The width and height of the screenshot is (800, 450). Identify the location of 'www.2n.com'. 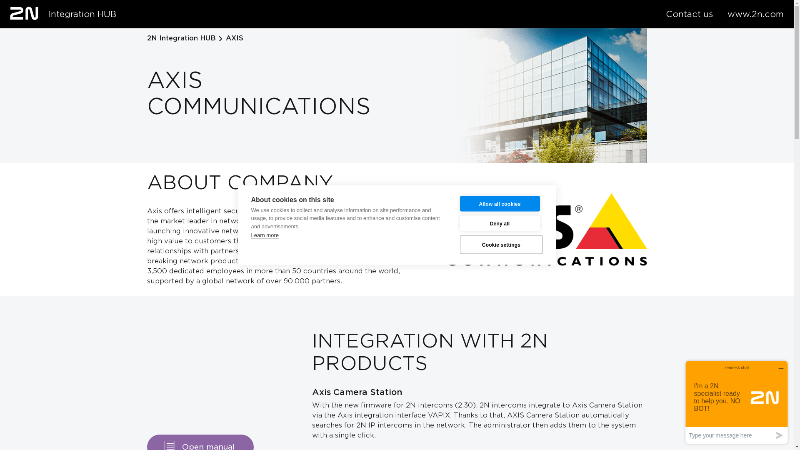
(755, 14).